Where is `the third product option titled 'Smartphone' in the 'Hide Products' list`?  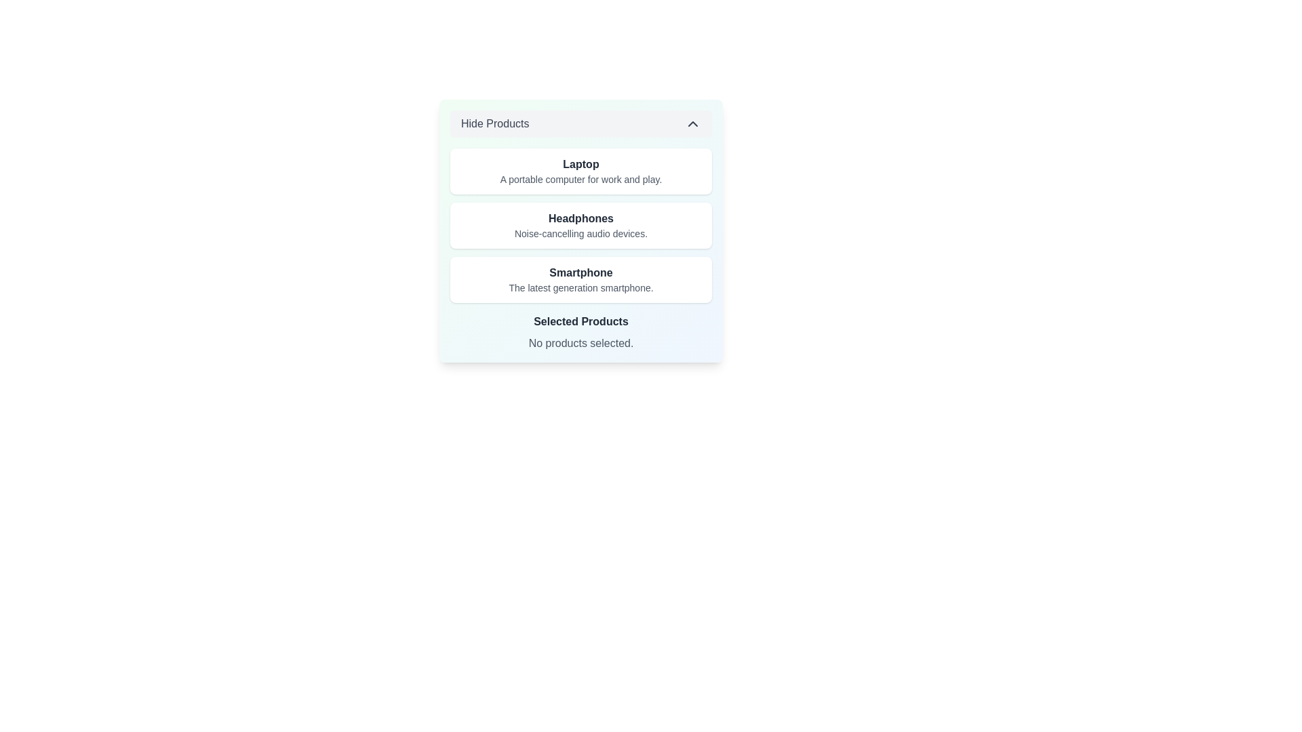
the third product option titled 'Smartphone' in the 'Hide Products' list is located at coordinates (581, 250).